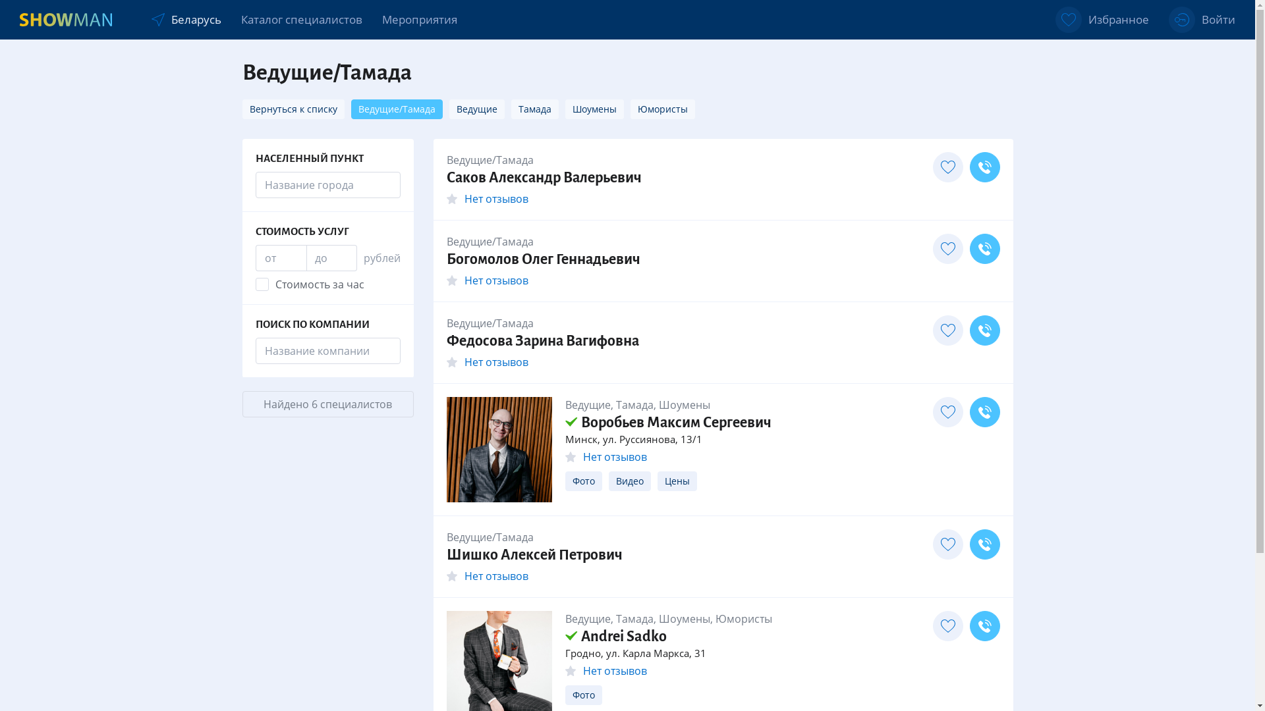 Image resolution: width=1265 pixels, height=711 pixels. What do you see at coordinates (565, 636) in the screenshot?
I see `'Andrei Sadko'` at bounding box center [565, 636].